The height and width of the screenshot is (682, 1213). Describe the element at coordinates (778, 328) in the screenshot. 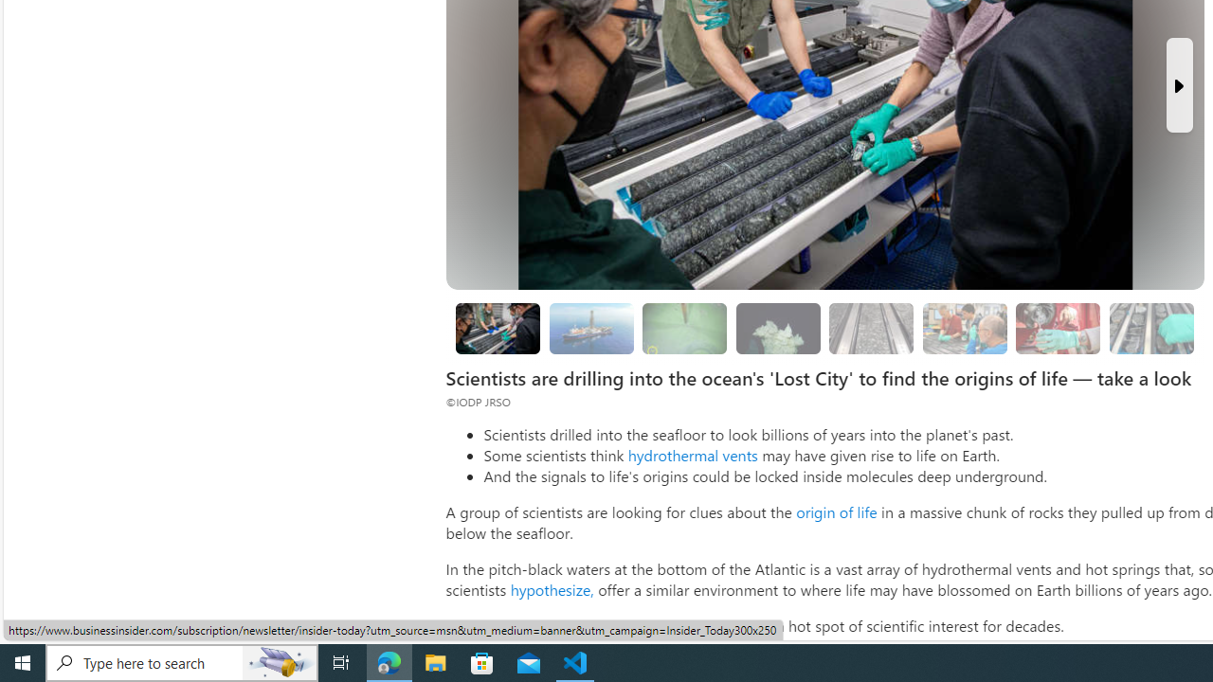

I see `'The Lost City could hold clues to the origin of life.'` at that location.